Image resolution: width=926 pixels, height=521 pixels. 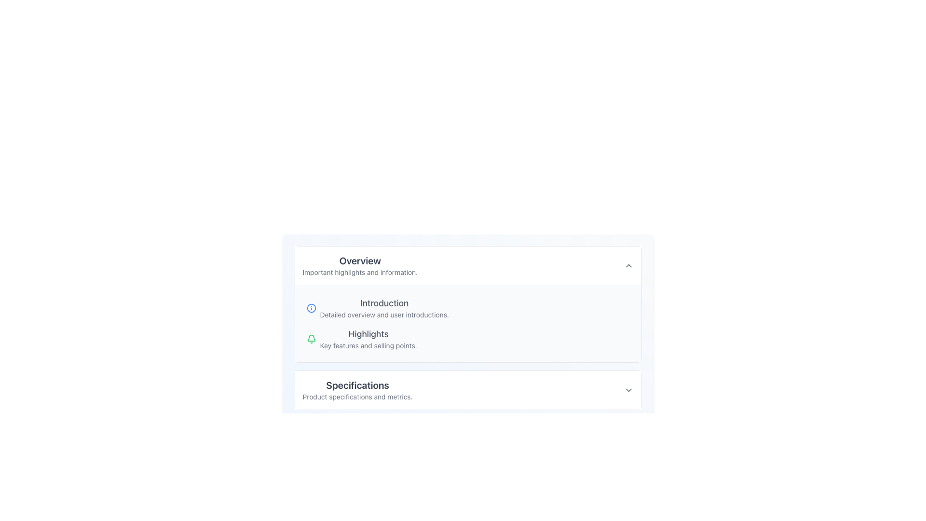 What do you see at coordinates (368, 338) in the screenshot?
I see `the central text block that provides an overview of the content` at bounding box center [368, 338].